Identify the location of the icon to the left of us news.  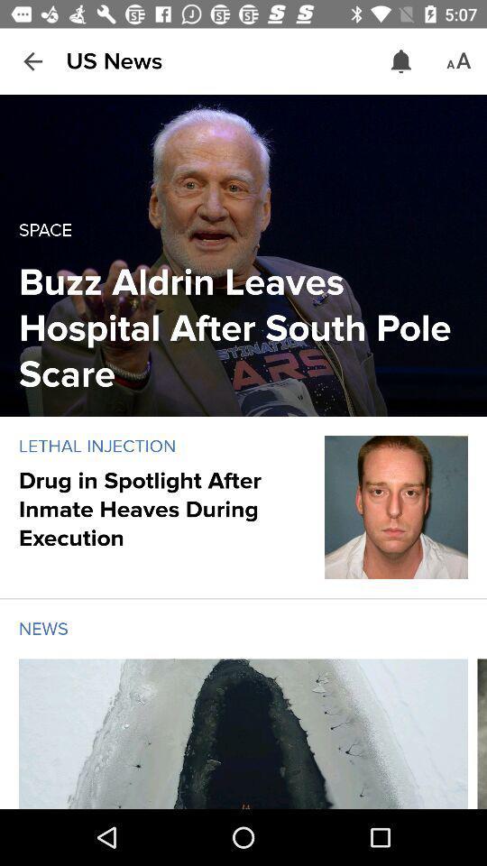
(32, 61).